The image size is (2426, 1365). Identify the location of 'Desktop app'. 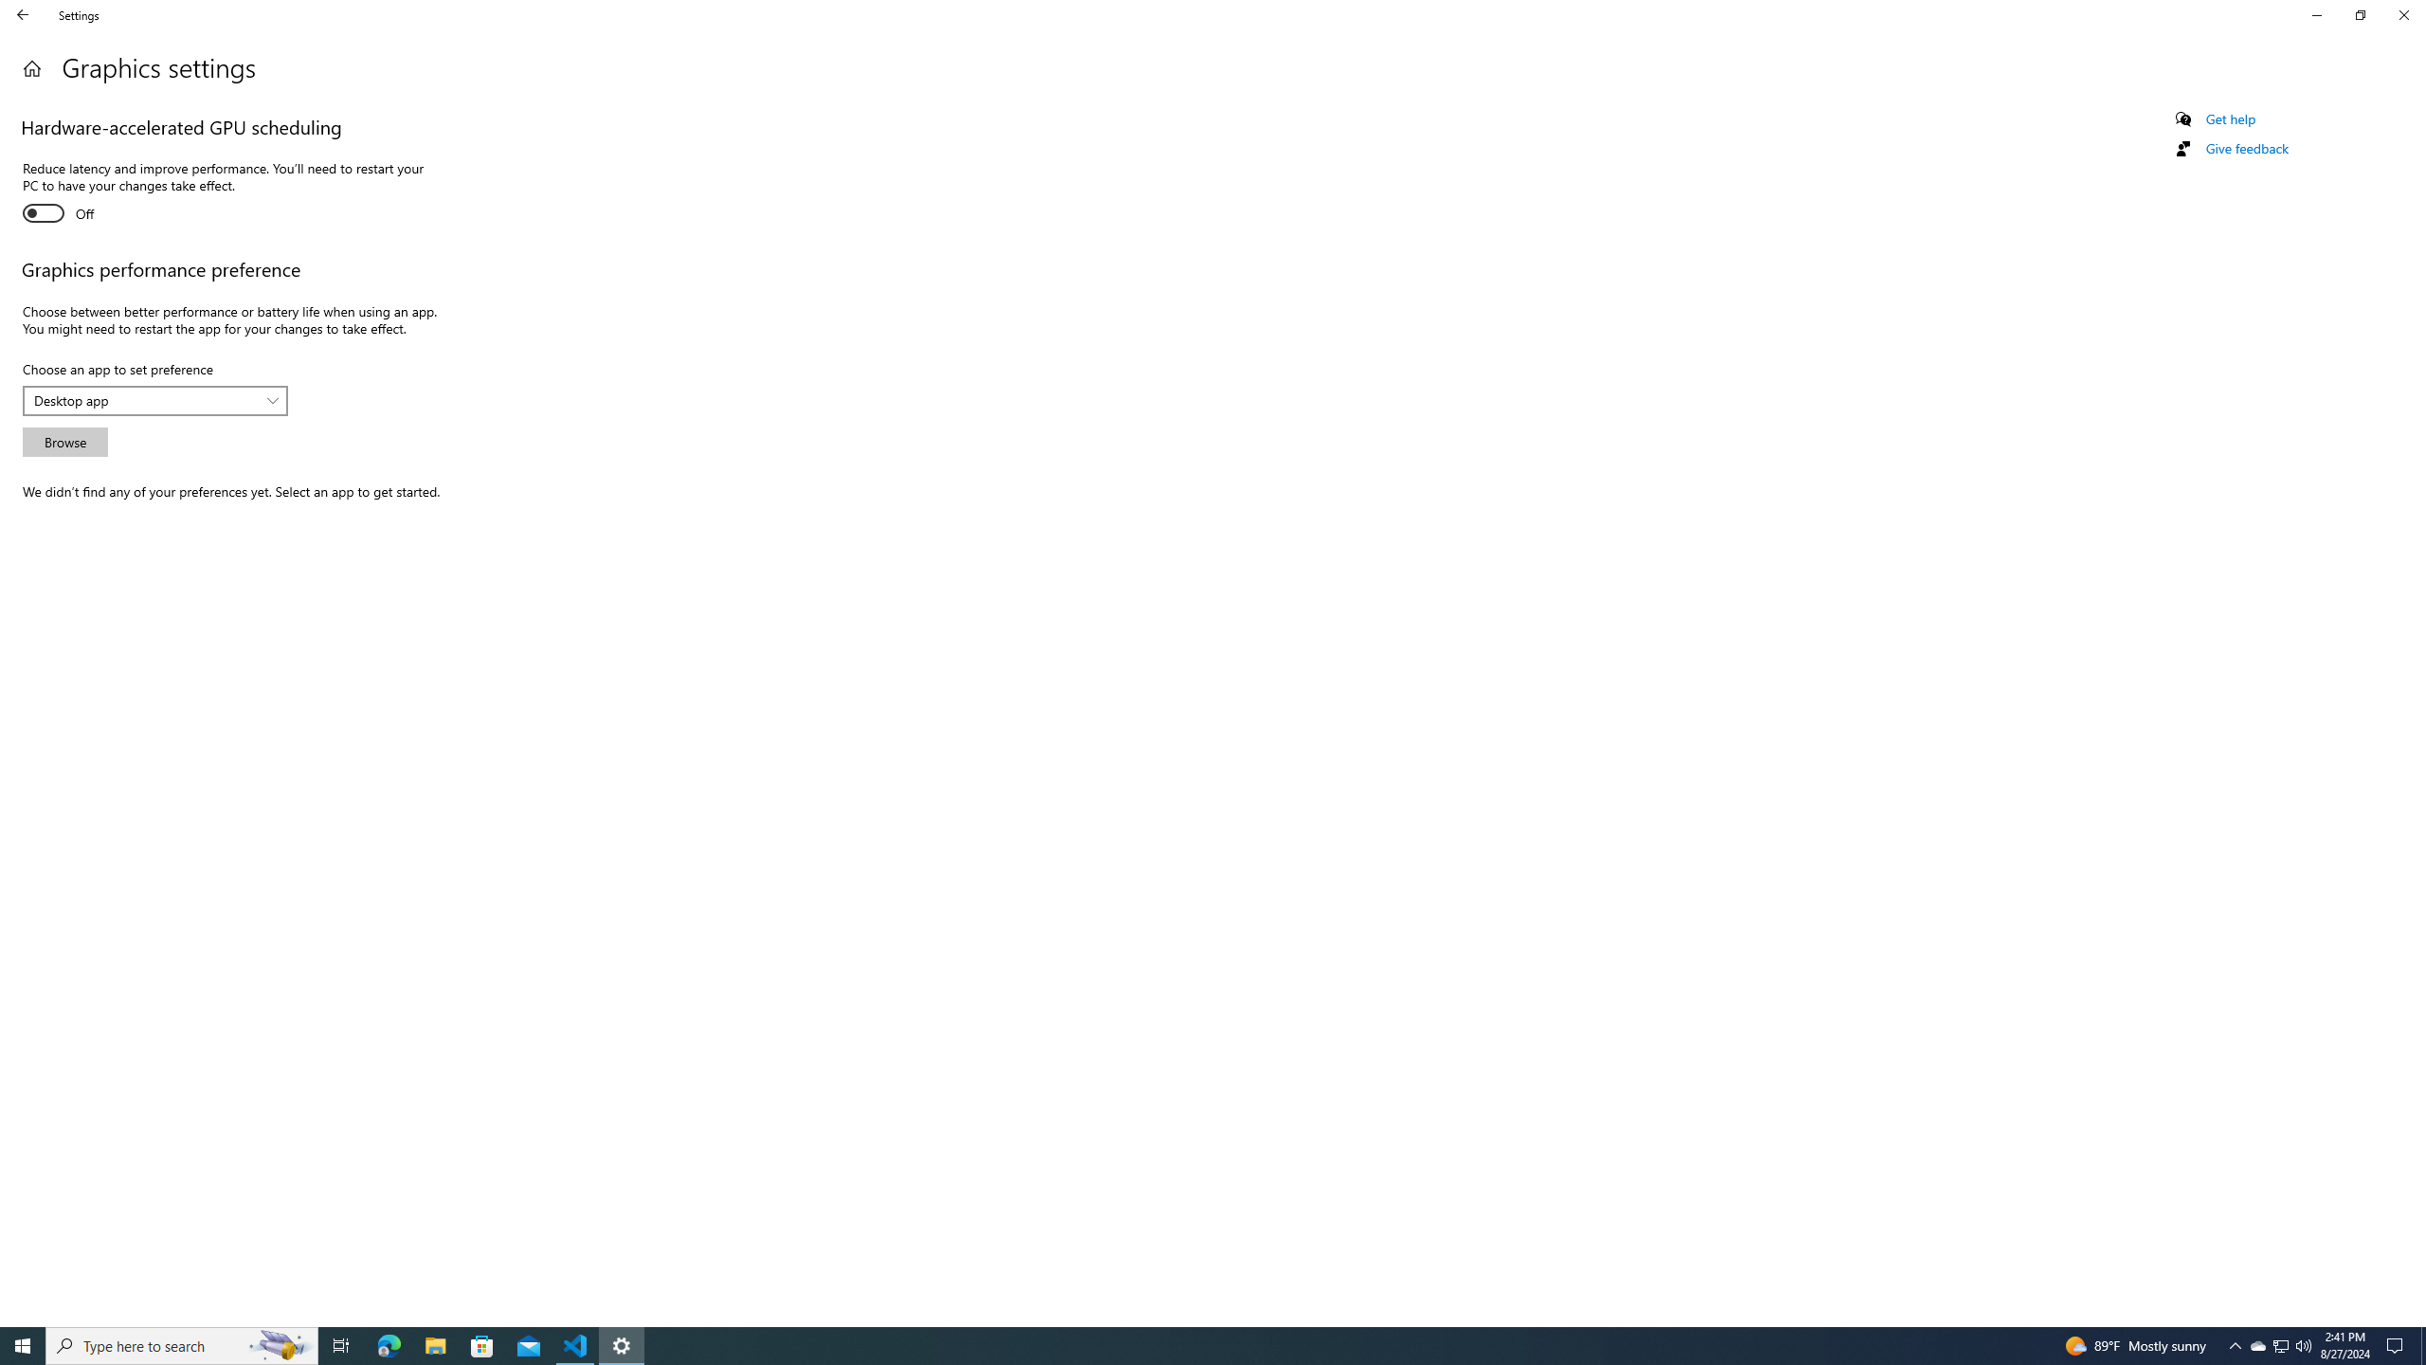
(144, 399).